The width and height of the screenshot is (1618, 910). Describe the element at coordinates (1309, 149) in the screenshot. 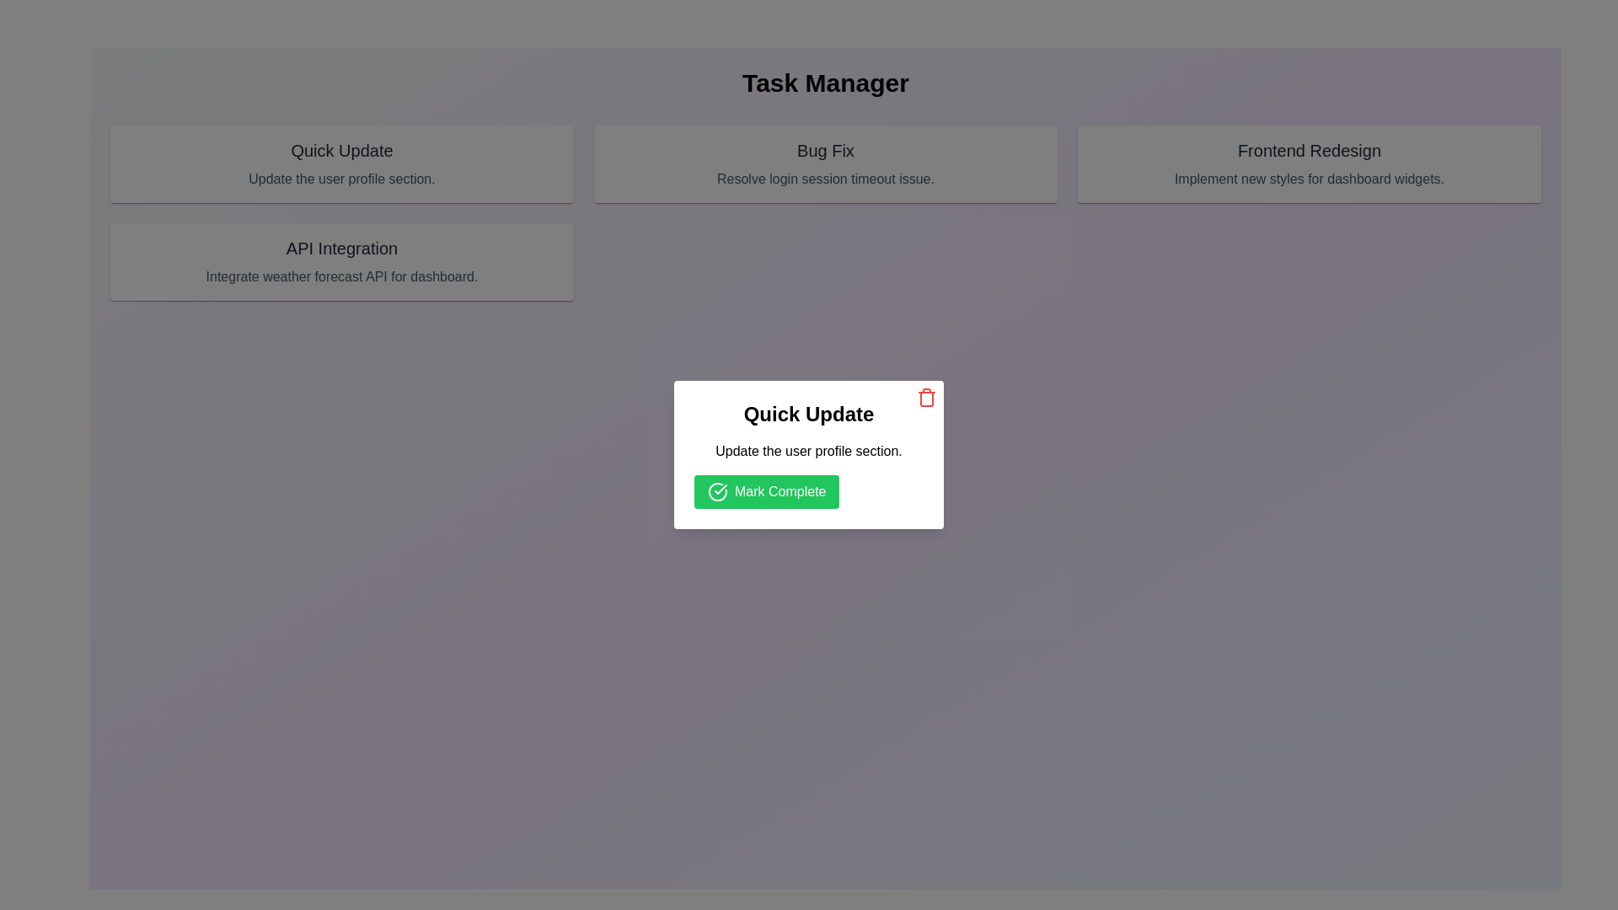

I see `the text titled 'Frontend Redesign' located in the third card component on the top right of the interface` at that location.